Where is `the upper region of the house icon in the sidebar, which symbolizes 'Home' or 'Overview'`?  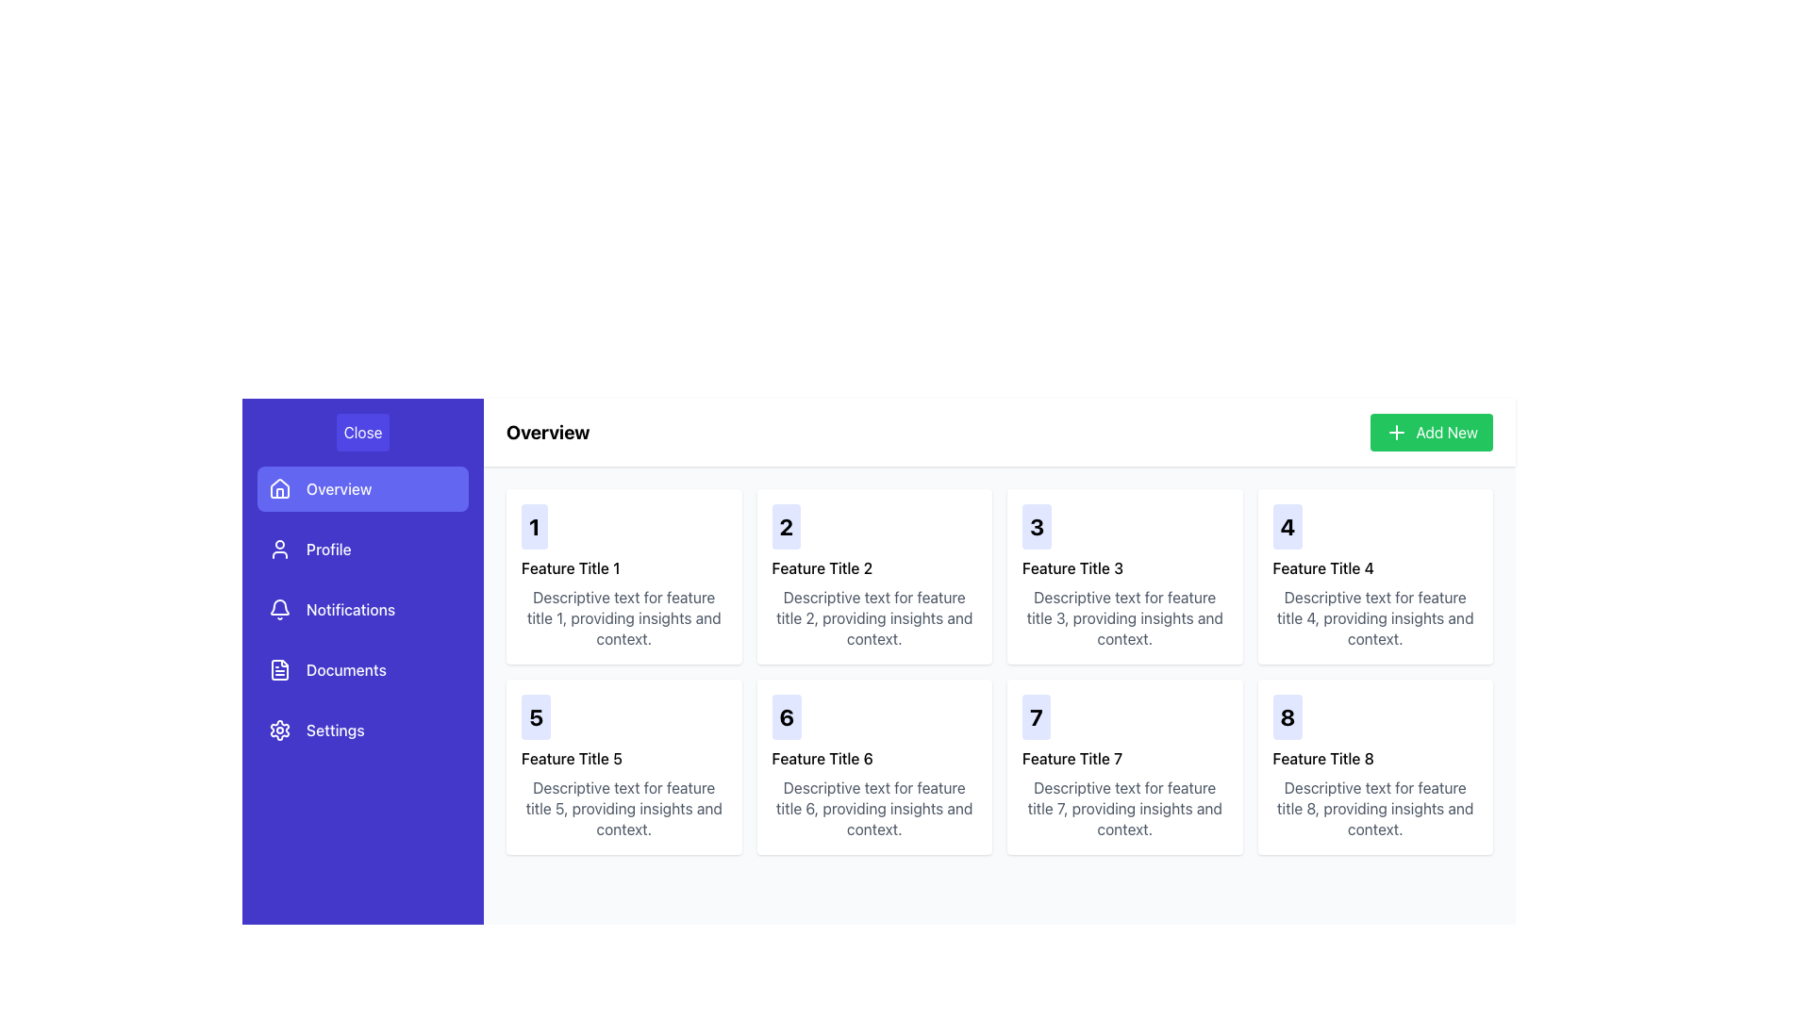
the upper region of the house icon in the sidebar, which symbolizes 'Home' or 'Overview' is located at coordinates (279, 486).